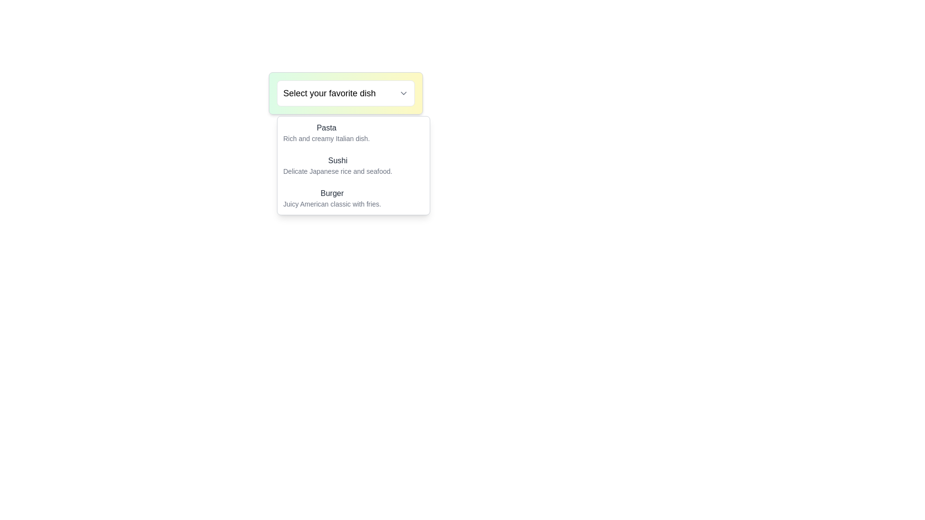  Describe the element at coordinates (353, 165) in the screenshot. I see `to select the list item displaying 'Sushi' in bold style, located within a white dropdown menu, positioned below 'Pasta' and above 'Burger'` at that location.